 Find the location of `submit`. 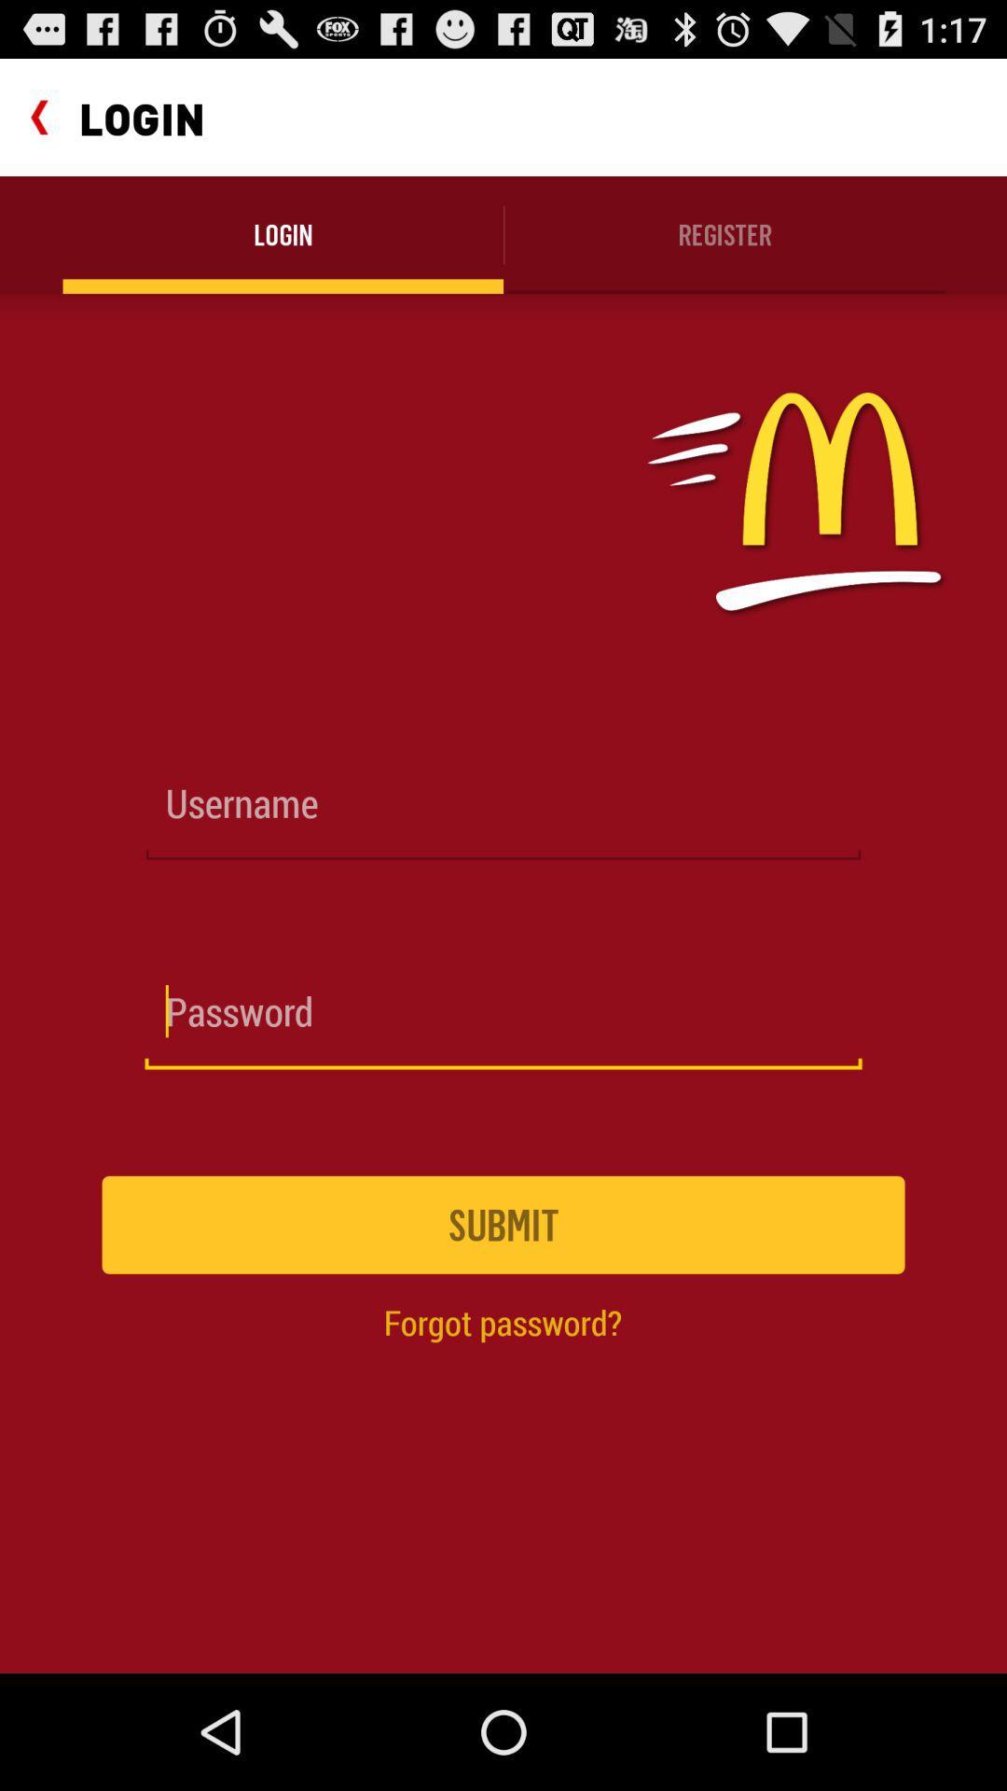

submit is located at coordinates (504, 1225).